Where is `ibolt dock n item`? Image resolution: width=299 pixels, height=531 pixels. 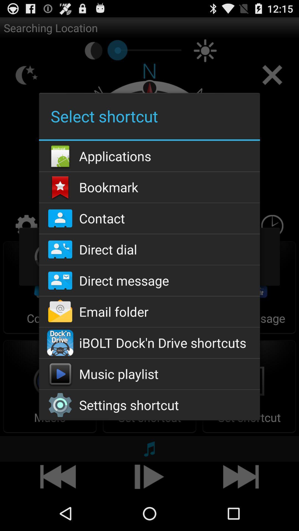
ibolt dock n item is located at coordinates (149, 342).